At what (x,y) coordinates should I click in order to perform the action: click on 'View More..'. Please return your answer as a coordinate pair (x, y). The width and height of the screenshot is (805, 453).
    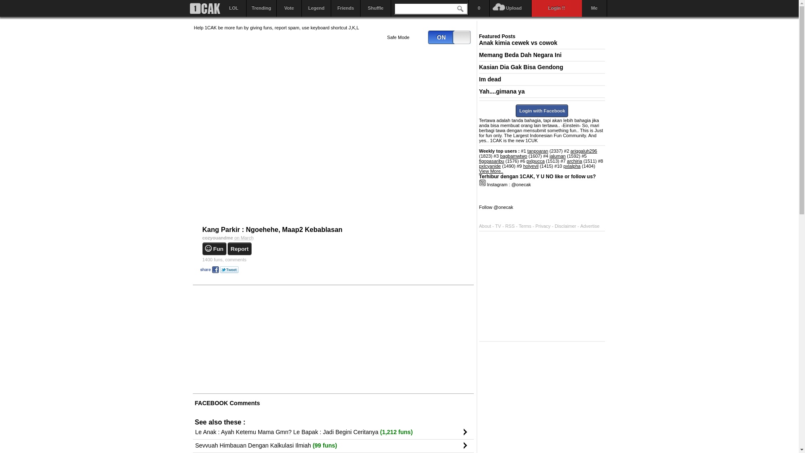
    Looking at the image, I should click on (491, 171).